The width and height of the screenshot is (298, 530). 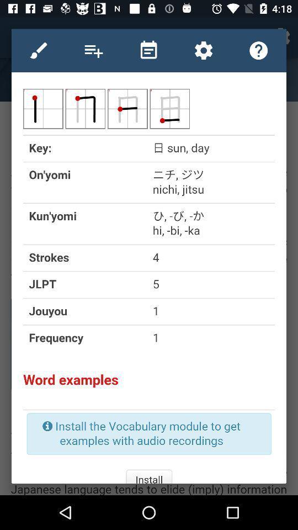 I want to click on help answer questions, so click(x=258, y=50).